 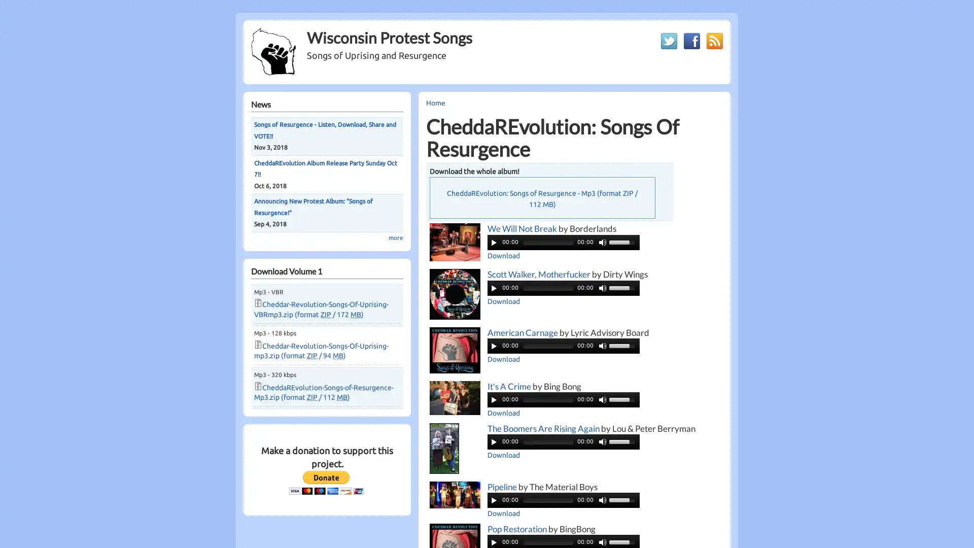 What do you see at coordinates (494, 242) in the screenshot?
I see `Play/Pause` at bounding box center [494, 242].